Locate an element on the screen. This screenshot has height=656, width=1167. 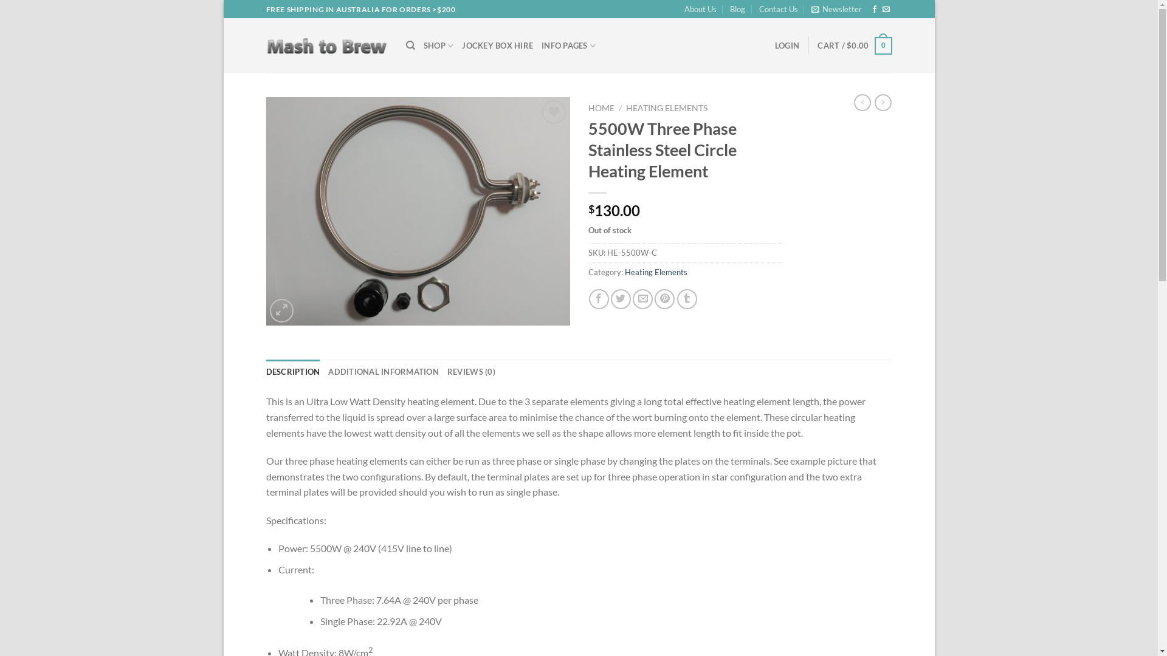
'Contact Us' is located at coordinates (779, 9).